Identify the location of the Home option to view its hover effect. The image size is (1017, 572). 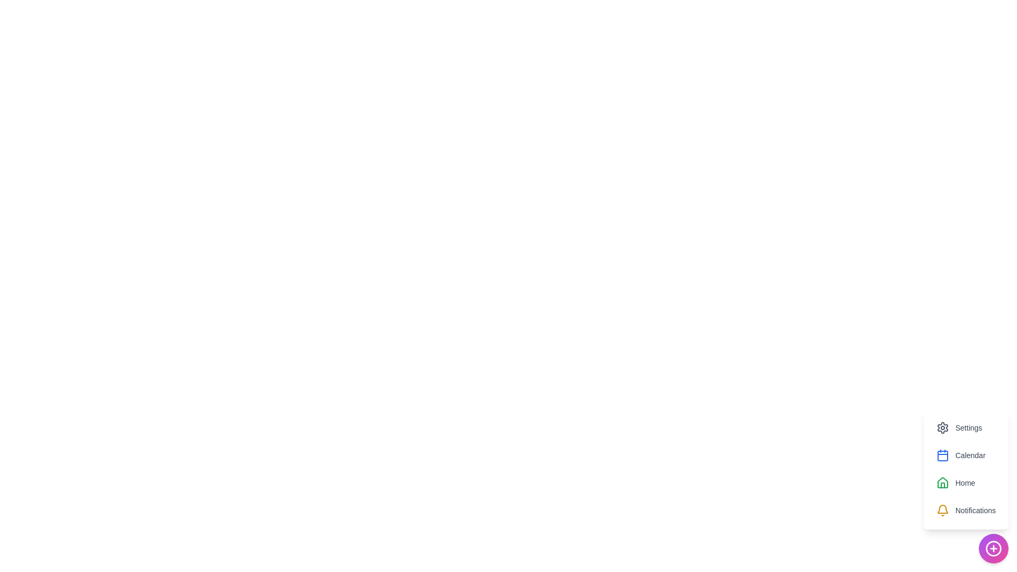
(956, 482).